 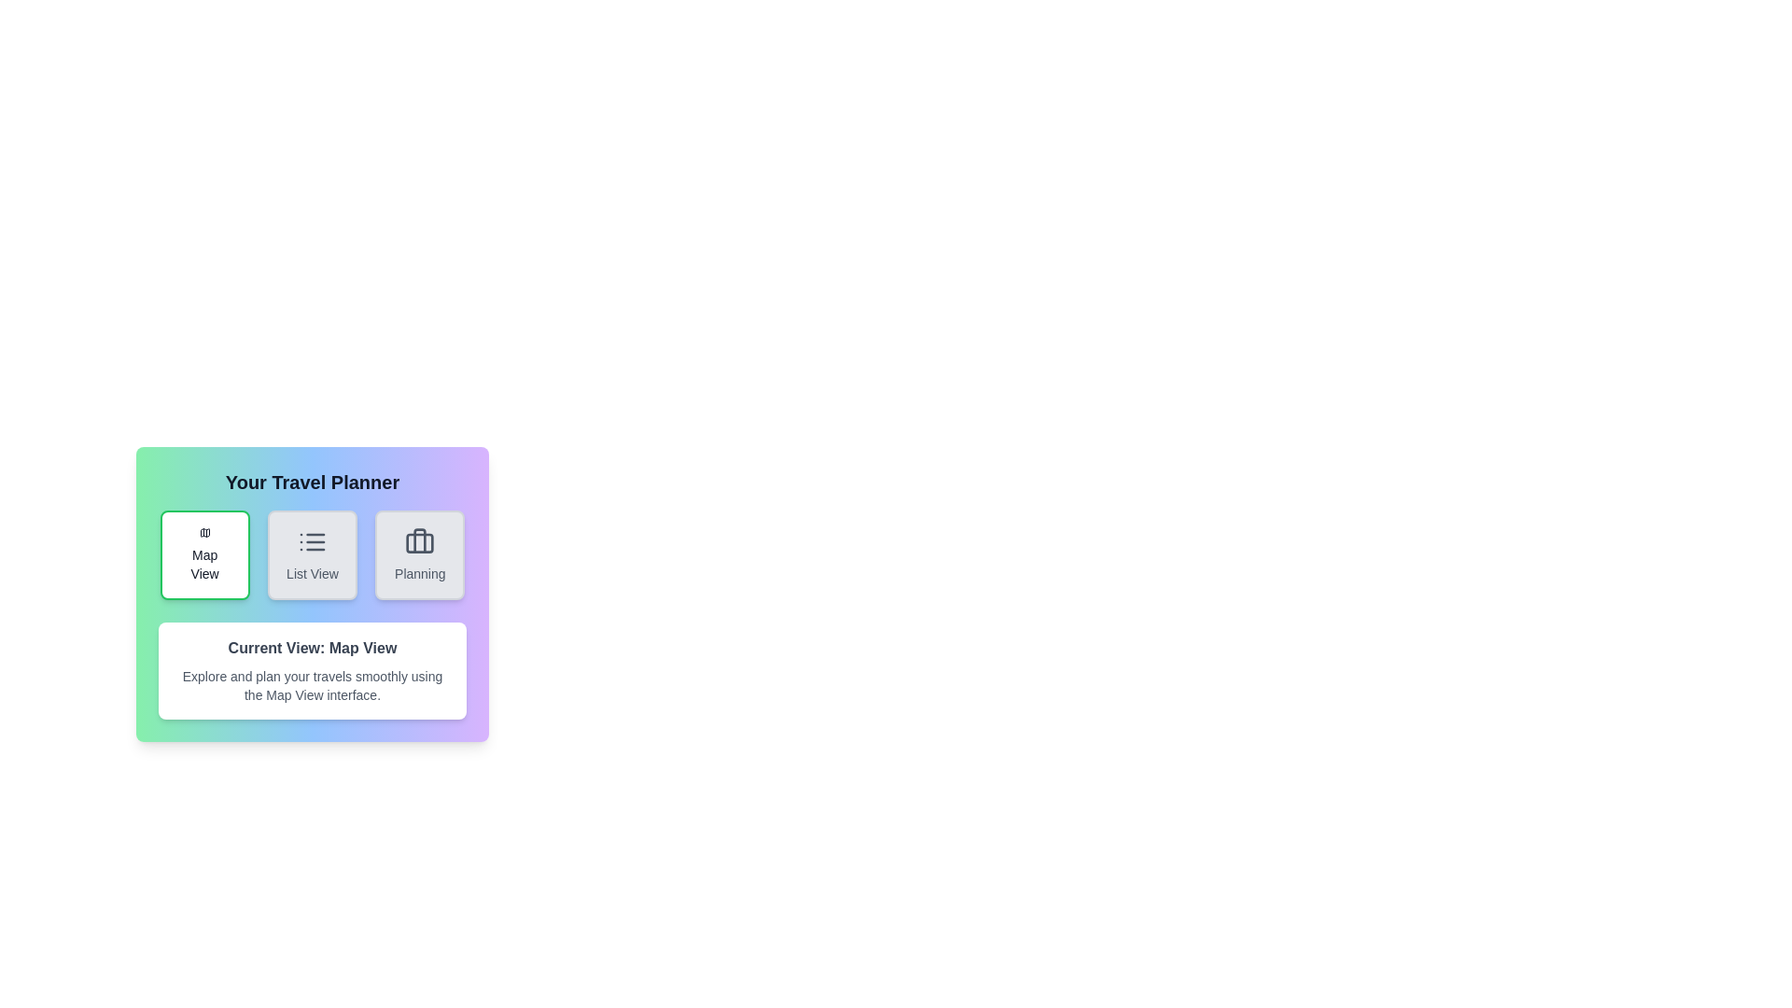 What do you see at coordinates (204, 553) in the screenshot?
I see `the Map View view by clicking the corresponding button` at bounding box center [204, 553].